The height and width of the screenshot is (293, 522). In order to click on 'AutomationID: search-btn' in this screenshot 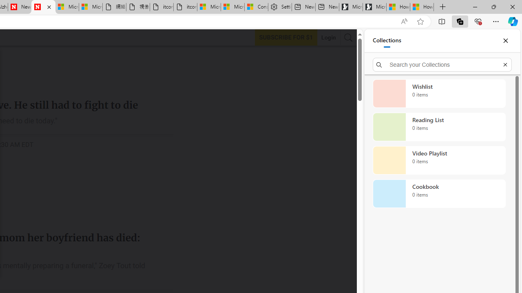, I will do `click(349, 37)`.